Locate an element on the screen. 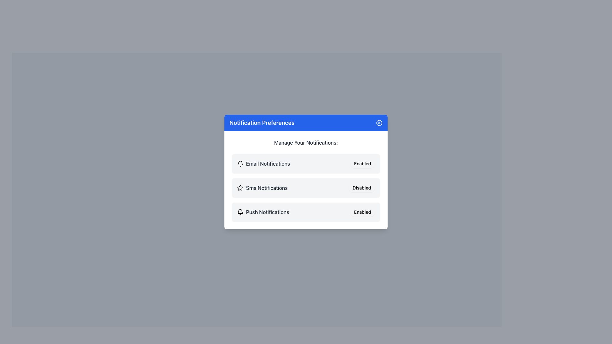 The width and height of the screenshot is (612, 344). the decorative star icon indicating importance for the 'Sms Notifications' entry, located in the second row of the panel is located at coordinates (240, 187).